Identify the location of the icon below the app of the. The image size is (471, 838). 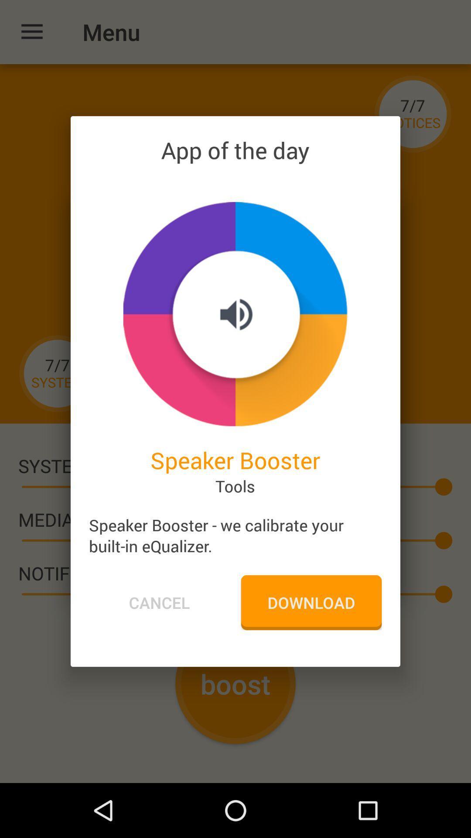
(235, 314).